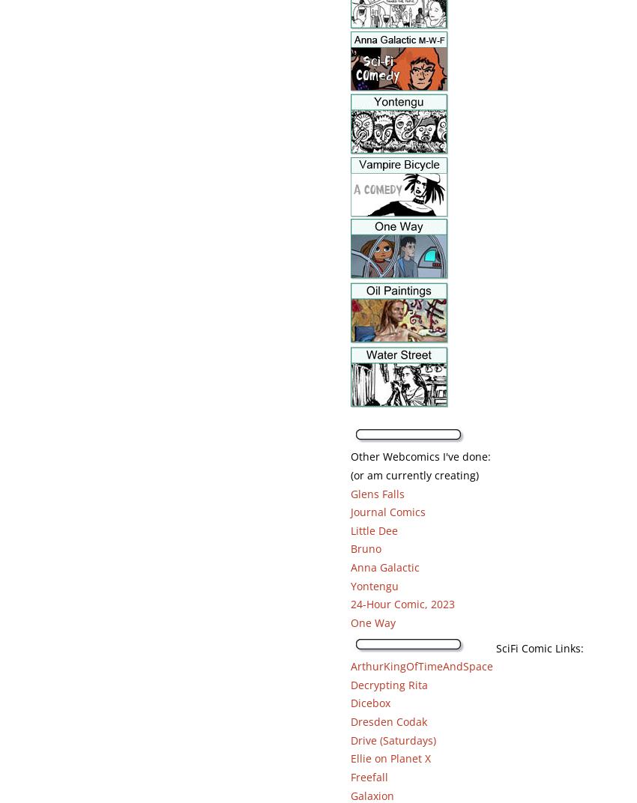 This screenshot has height=803, width=637. Describe the element at coordinates (383, 567) in the screenshot. I see `'Anna Galactic'` at that location.